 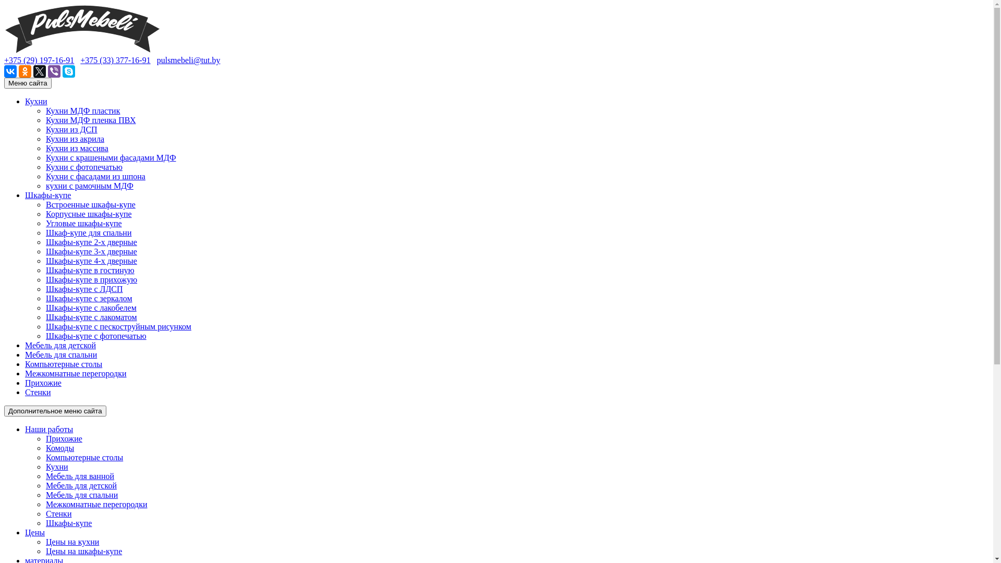 What do you see at coordinates (54, 71) in the screenshot?
I see `'Viber'` at bounding box center [54, 71].